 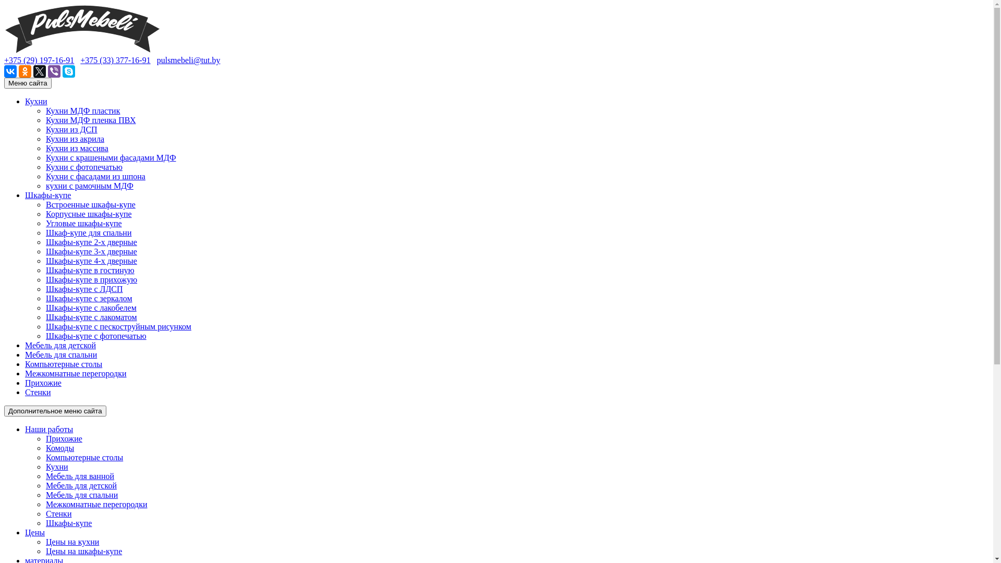 What do you see at coordinates (54, 71) in the screenshot?
I see `'Viber'` at bounding box center [54, 71].